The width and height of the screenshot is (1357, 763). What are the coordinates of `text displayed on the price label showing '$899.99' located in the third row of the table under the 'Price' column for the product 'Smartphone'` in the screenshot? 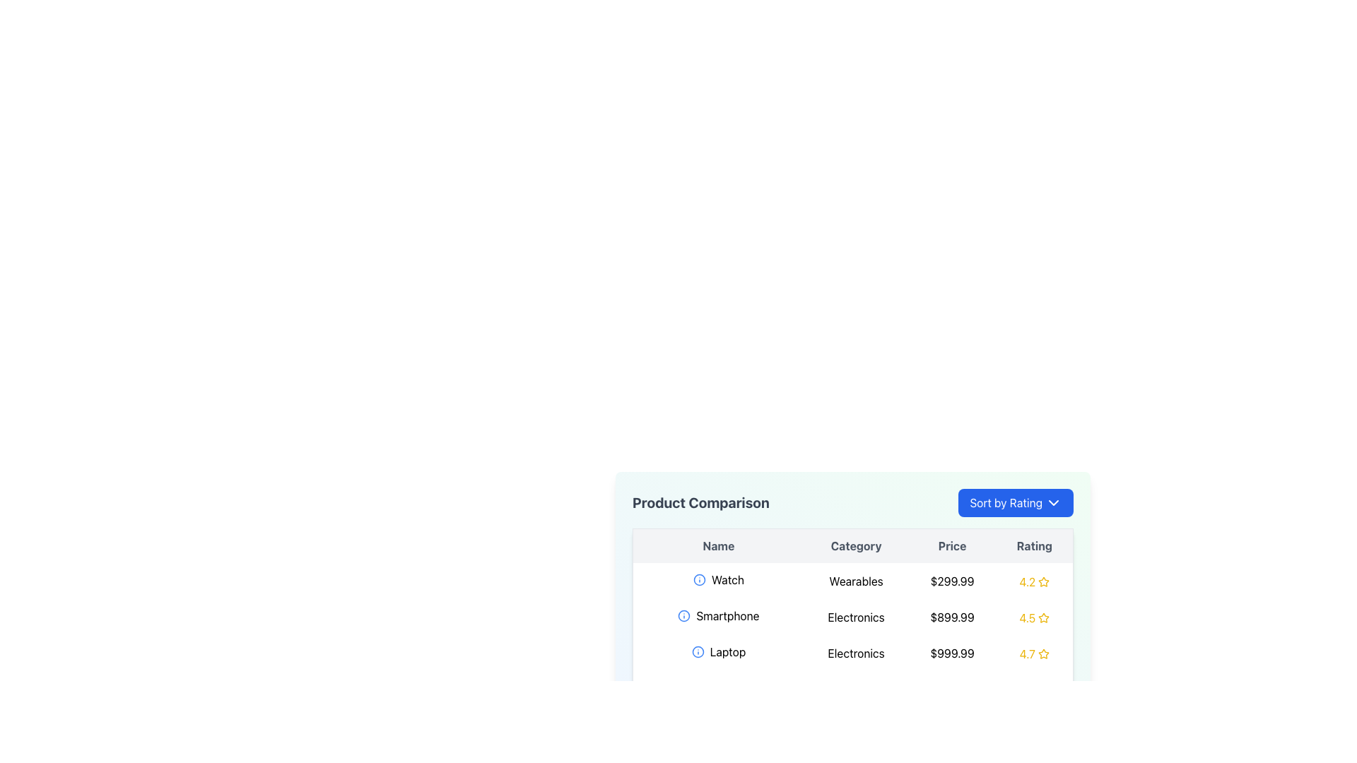 It's located at (952, 616).